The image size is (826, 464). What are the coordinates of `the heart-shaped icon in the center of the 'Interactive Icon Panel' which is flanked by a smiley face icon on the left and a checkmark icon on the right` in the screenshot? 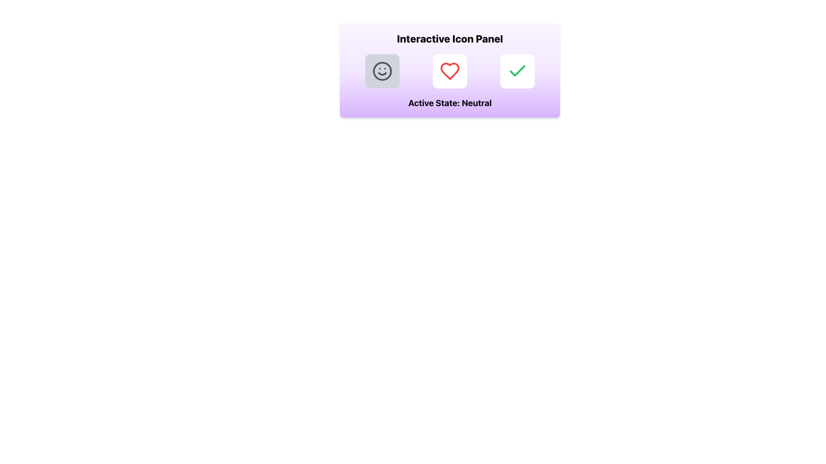 It's located at (450, 70).